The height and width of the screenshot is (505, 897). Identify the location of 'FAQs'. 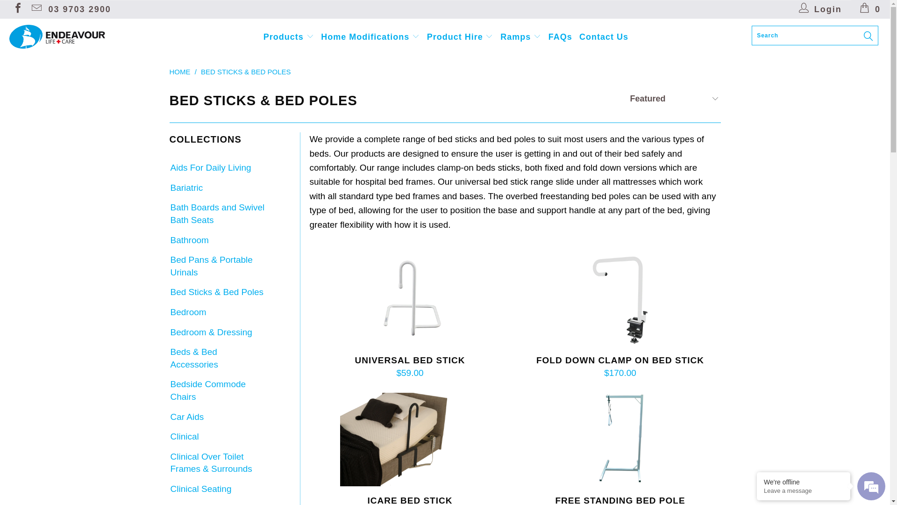
(548, 36).